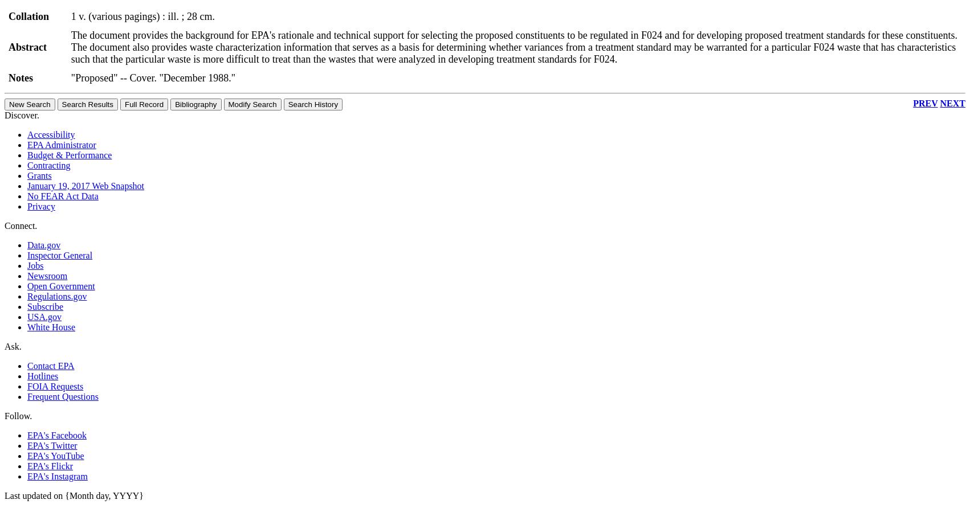  Describe the element at coordinates (74, 494) in the screenshot. I see `'Last updated on {Month day, YYYY}'` at that location.